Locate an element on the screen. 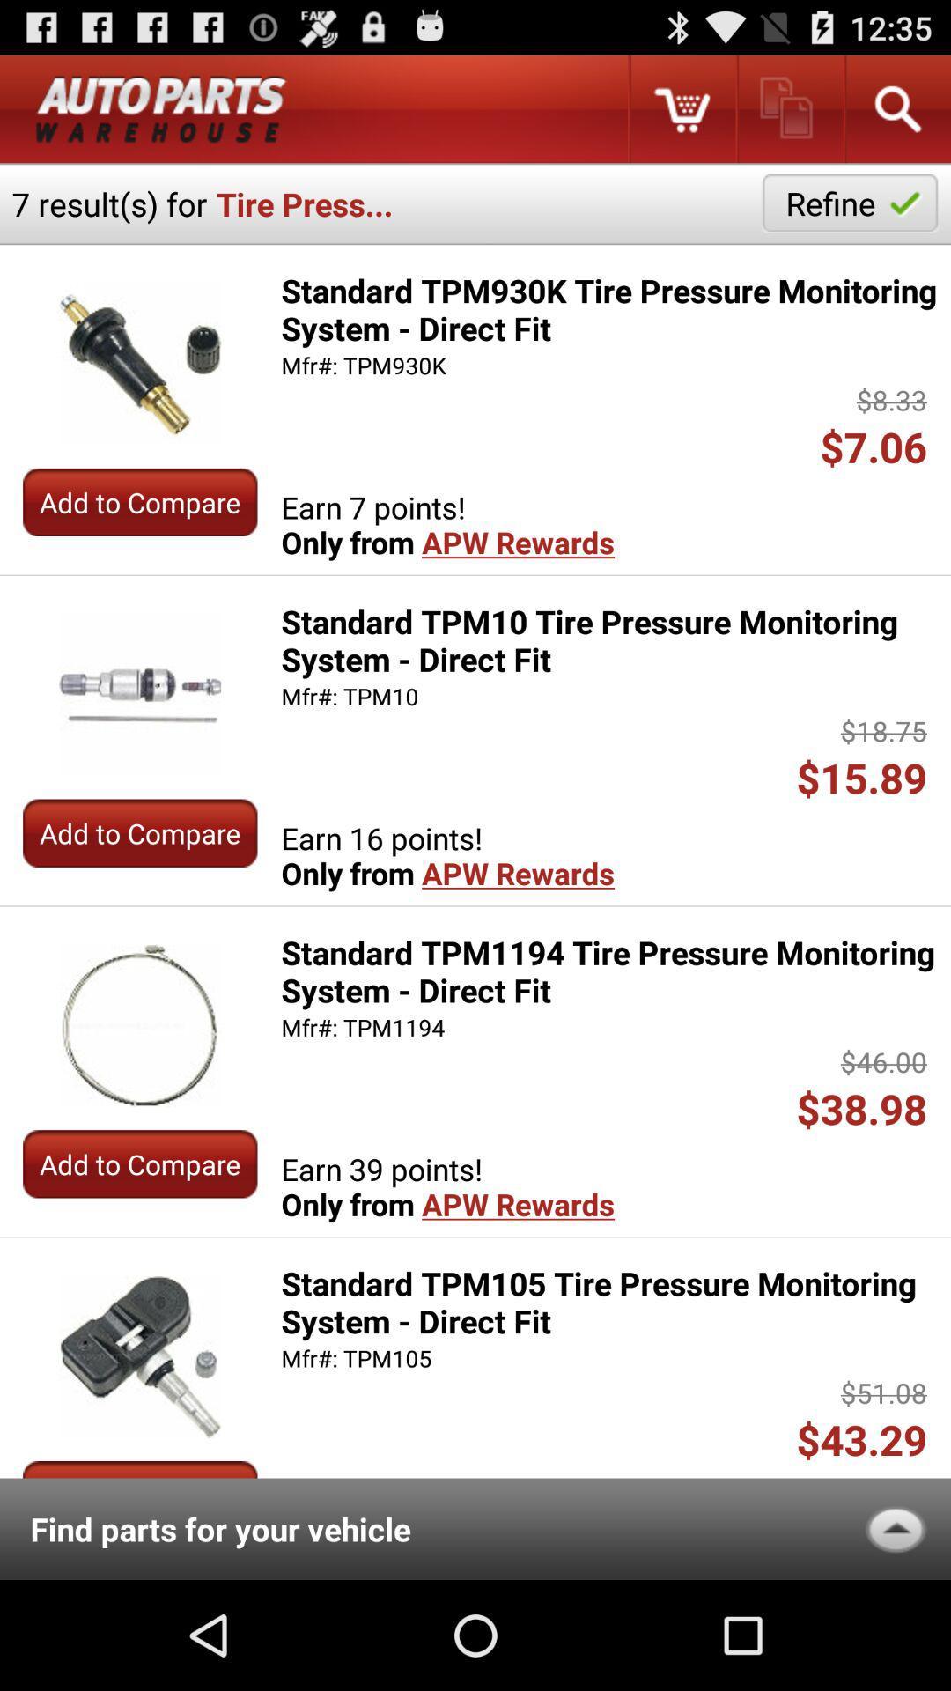 This screenshot has width=951, height=1691. open the shopping cart is located at coordinates (681, 108).